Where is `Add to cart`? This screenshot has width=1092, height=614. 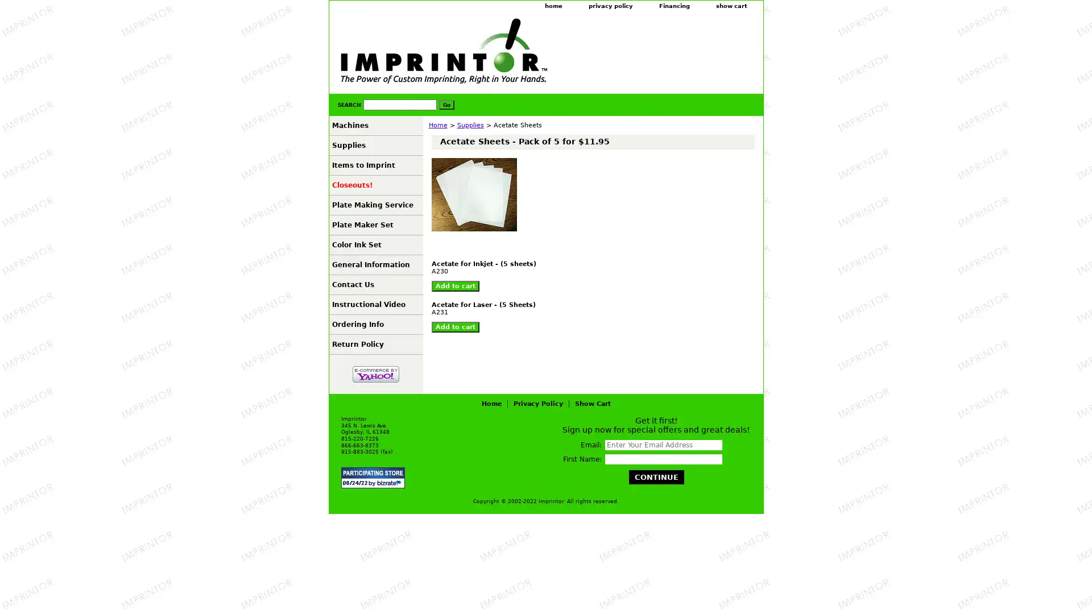 Add to cart is located at coordinates (455, 285).